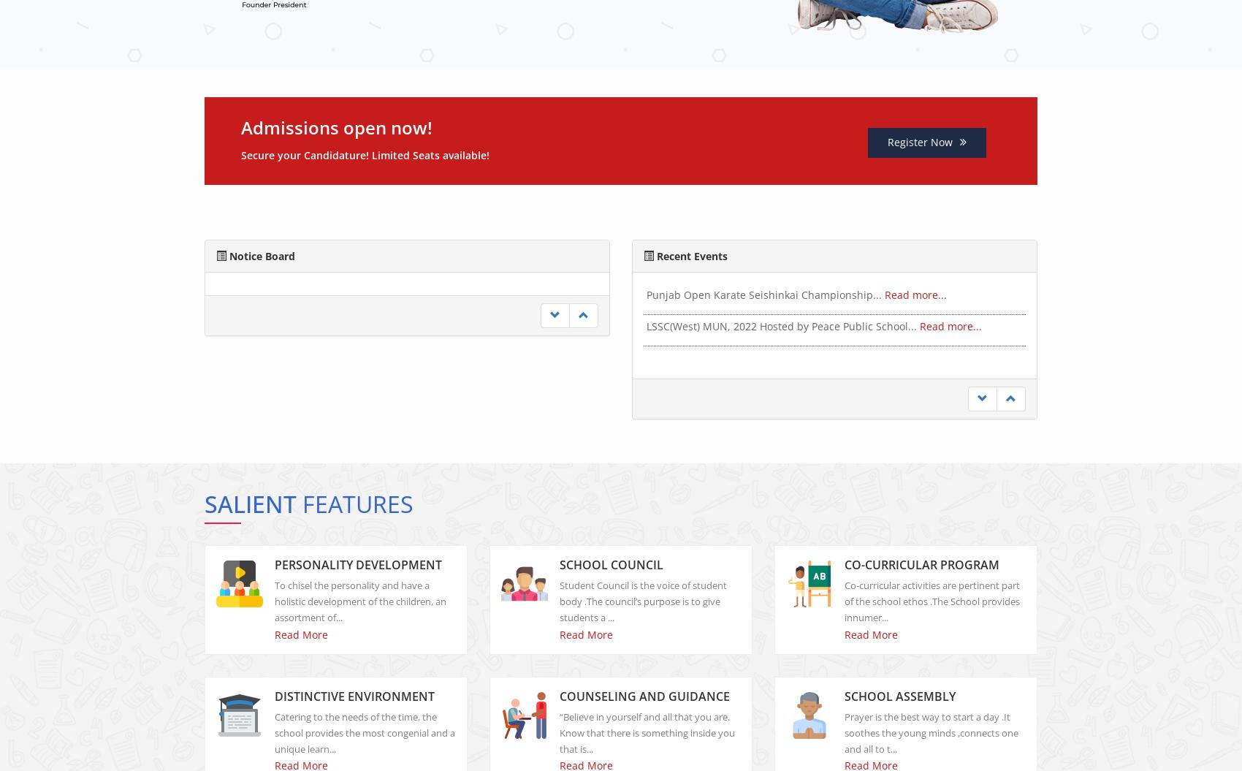 This screenshot has width=1242, height=771. Describe the element at coordinates (365, 744) in the screenshot. I see `'Catering to the needs of the time, the school provides the most congenial and a unique learn...'` at that location.